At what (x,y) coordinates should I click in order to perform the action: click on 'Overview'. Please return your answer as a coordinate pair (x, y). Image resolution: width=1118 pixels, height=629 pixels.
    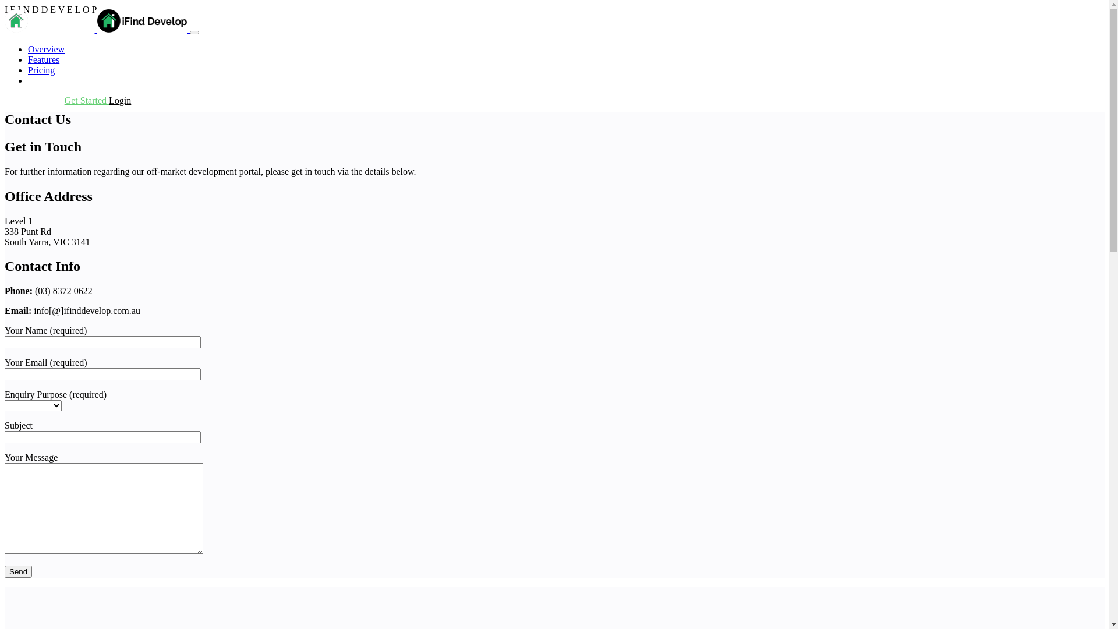
    Looking at the image, I should click on (46, 48).